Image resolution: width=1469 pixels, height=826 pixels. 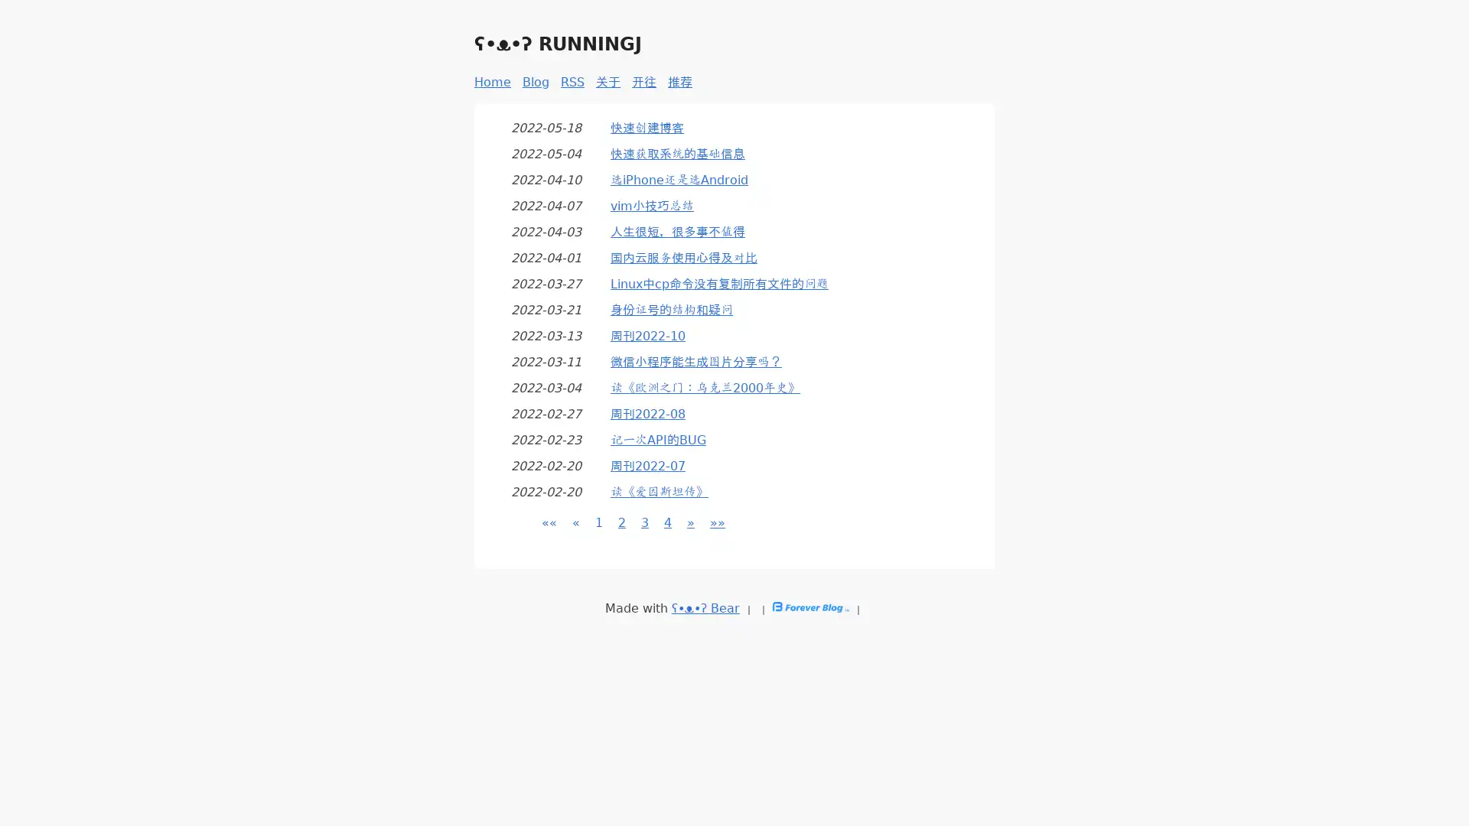 What do you see at coordinates (549, 521) in the screenshot?
I see `First` at bounding box center [549, 521].